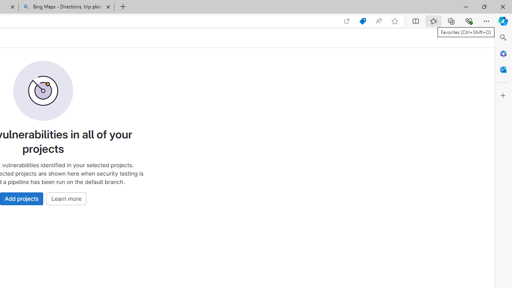  Describe the element at coordinates (22, 198) in the screenshot. I see `'Add projects'` at that location.